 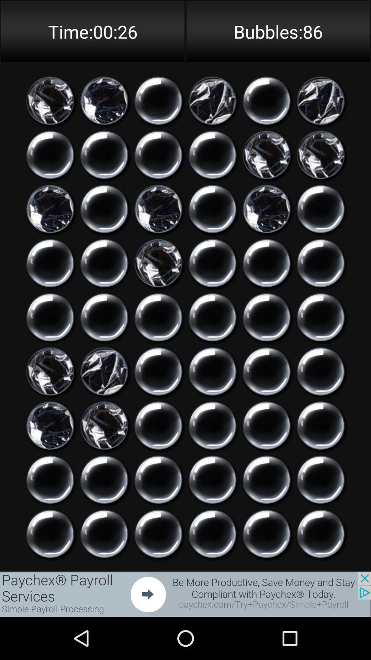 What do you see at coordinates (104, 371) in the screenshot?
I see `bubble image` at bounding box center [104, 371].